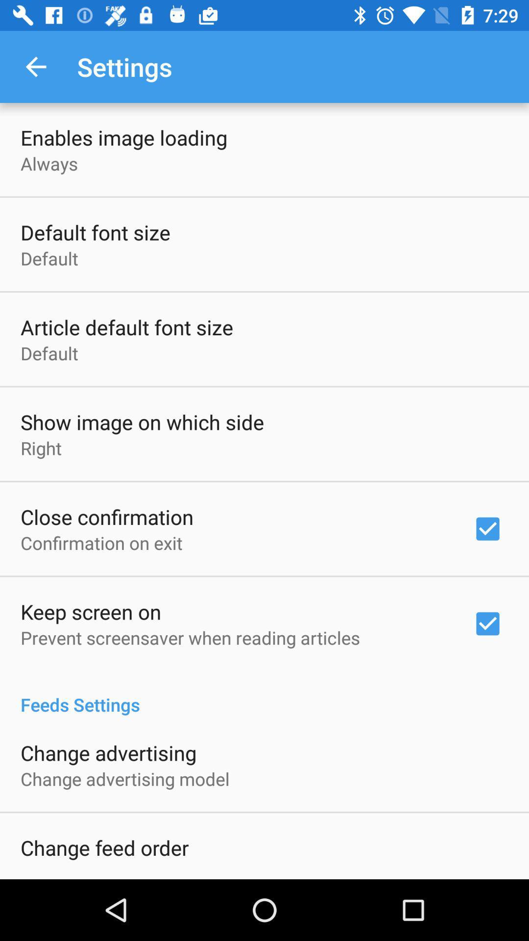 The width and height of the screenshot is (529, 941). Describe the element at coordinates (91, 611) in the screenshot. I see `item below confirmation on exit icon` at that location.